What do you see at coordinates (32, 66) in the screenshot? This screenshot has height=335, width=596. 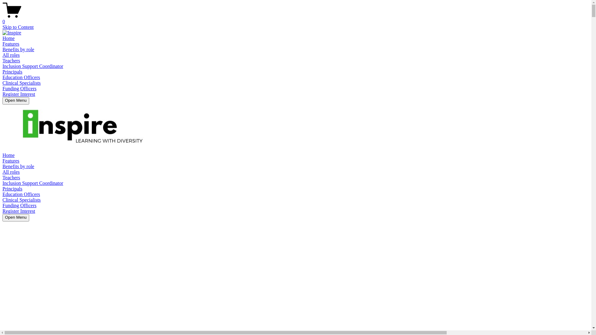 I see `'Inclusion Support Coordinator'` at bounding box center [32, 66].